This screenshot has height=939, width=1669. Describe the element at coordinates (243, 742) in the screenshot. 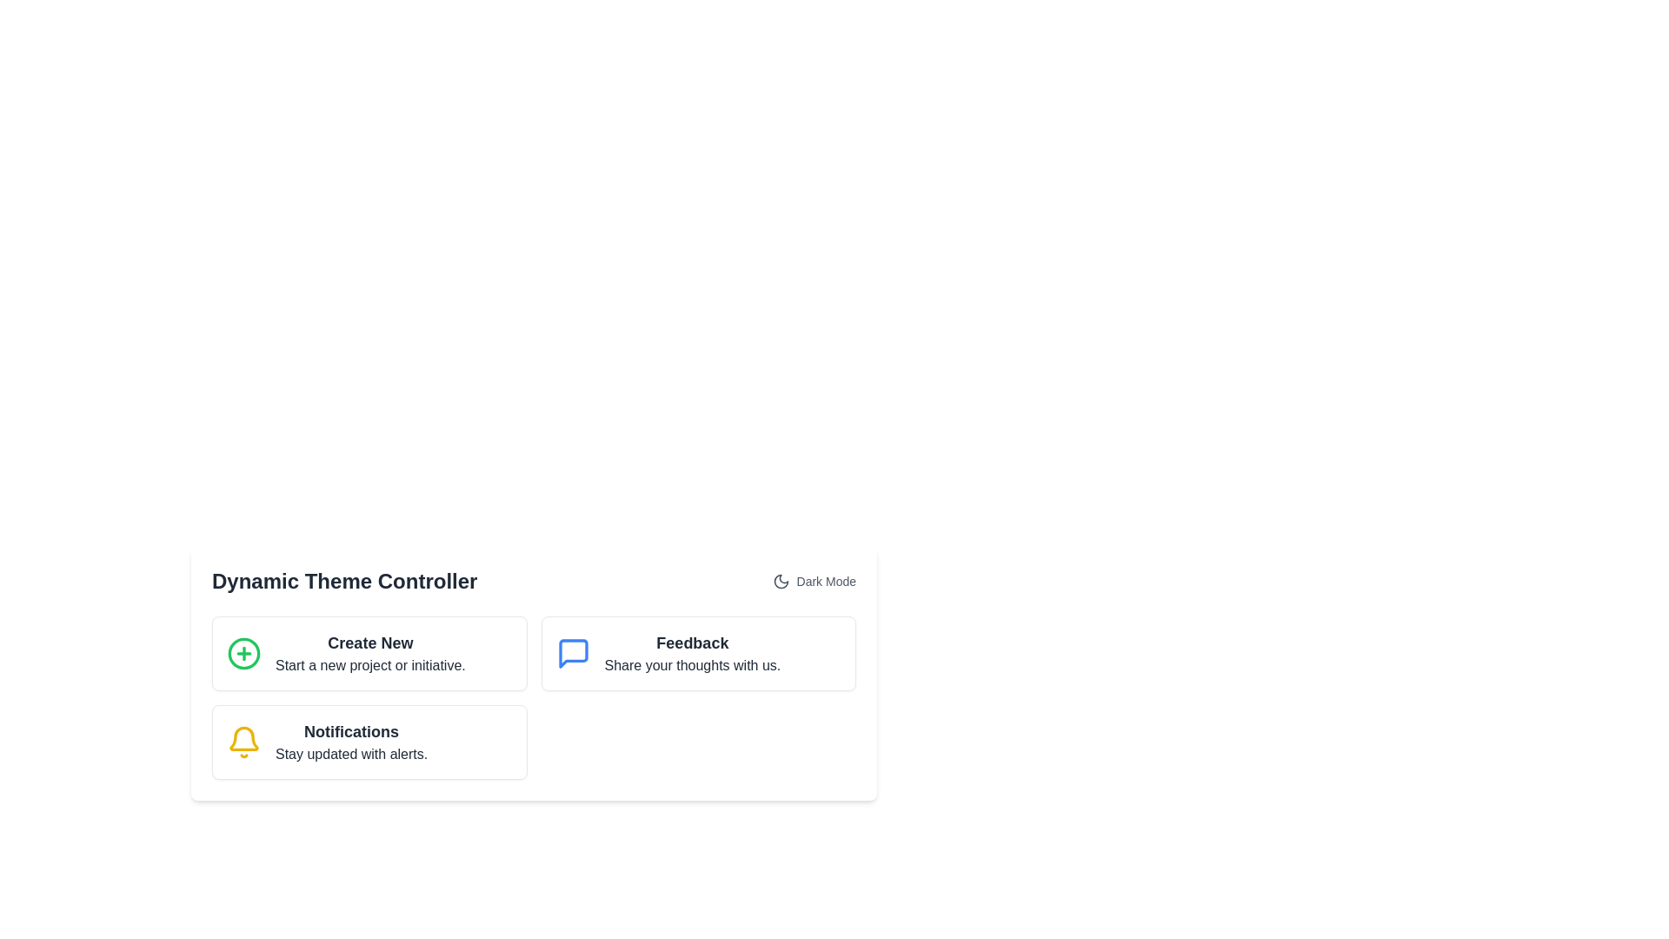

I see `the yellow bell icon representing notifications, located in the lower-left corner of the layout within the 'Dynamic Theme Controller' section` at that location.